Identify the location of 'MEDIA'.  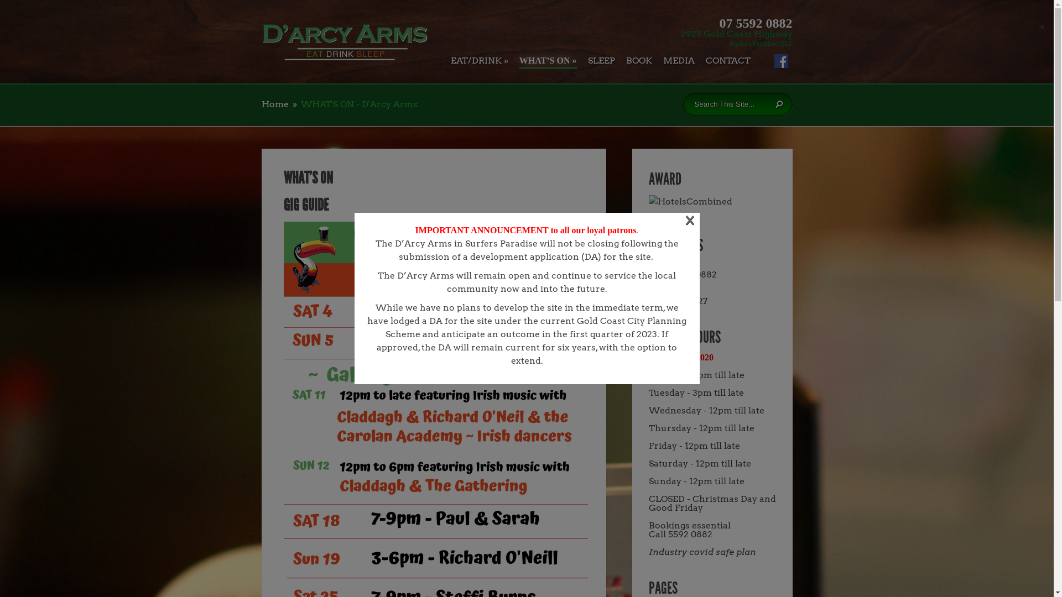
(678, 63).